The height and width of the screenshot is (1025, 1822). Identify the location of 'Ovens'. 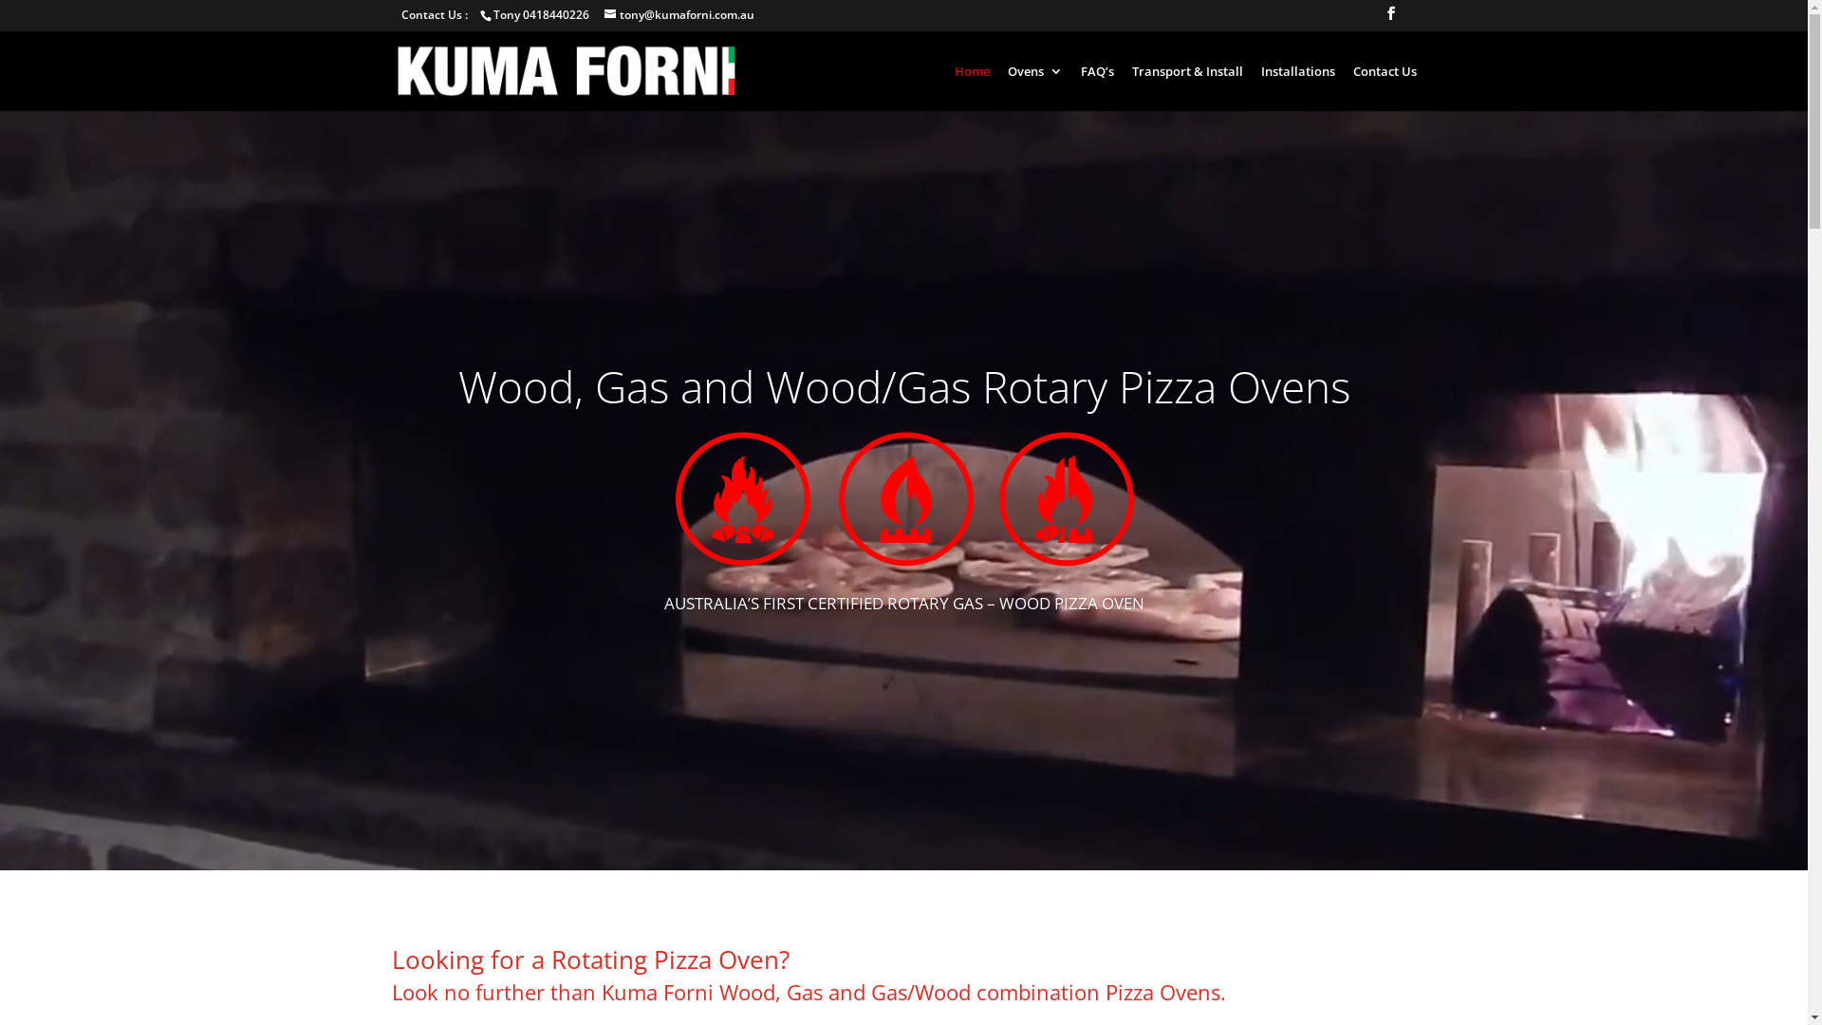
(1033, 87).